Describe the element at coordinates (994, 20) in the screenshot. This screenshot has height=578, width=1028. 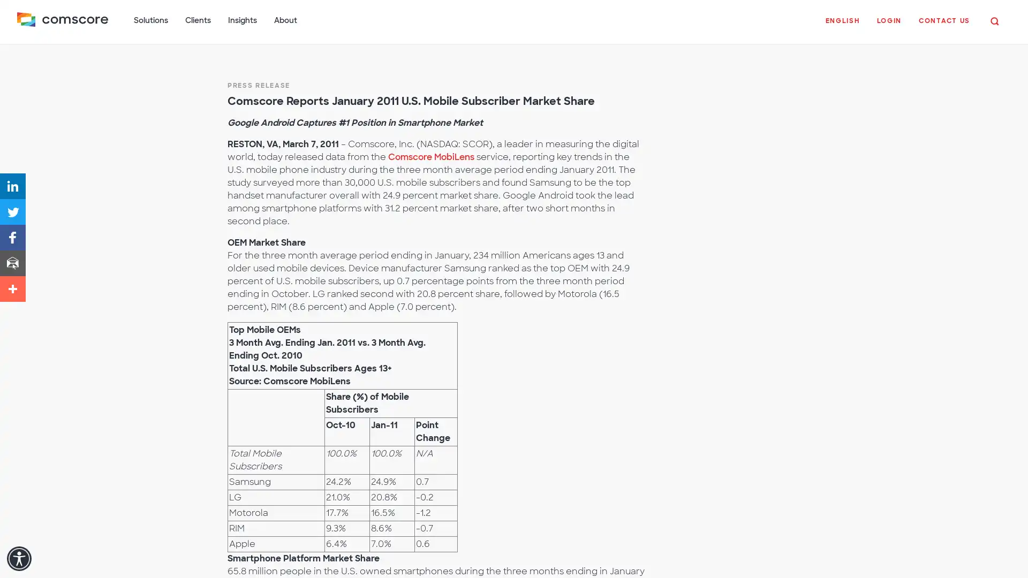
I see `search` at that location.